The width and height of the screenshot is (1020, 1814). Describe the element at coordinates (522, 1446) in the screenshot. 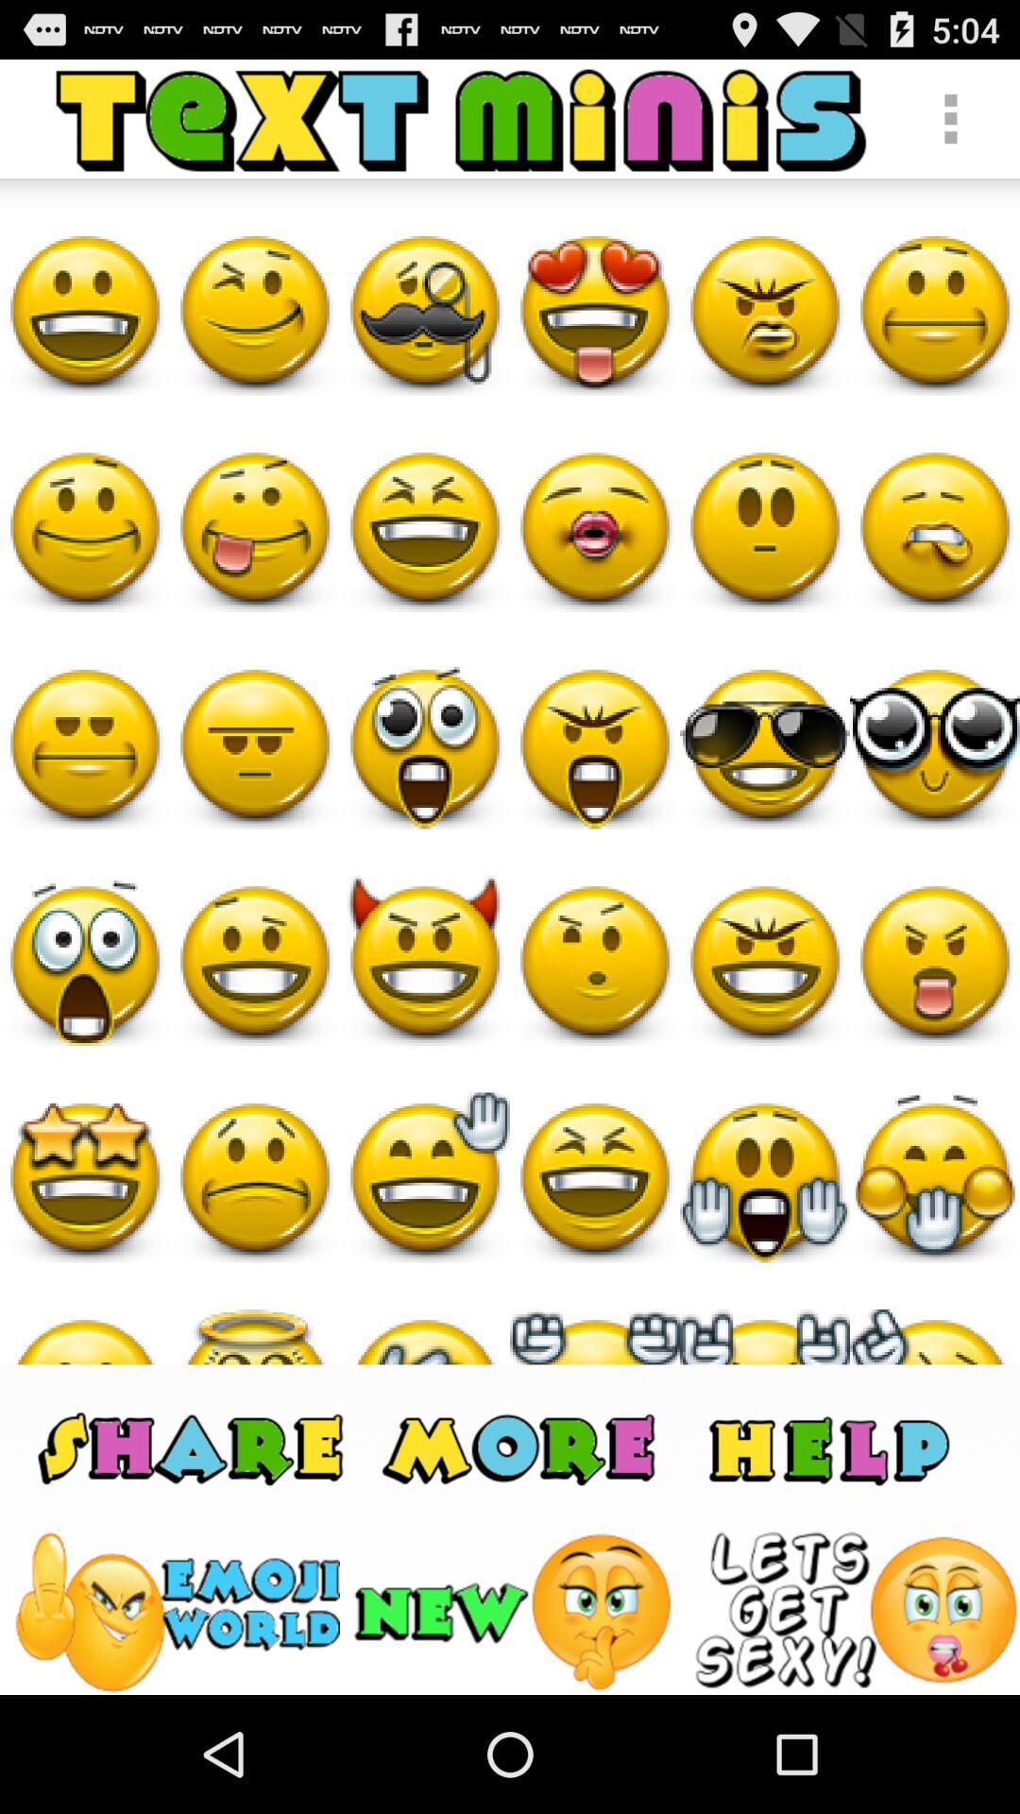

I see `show more emotes` at that location.